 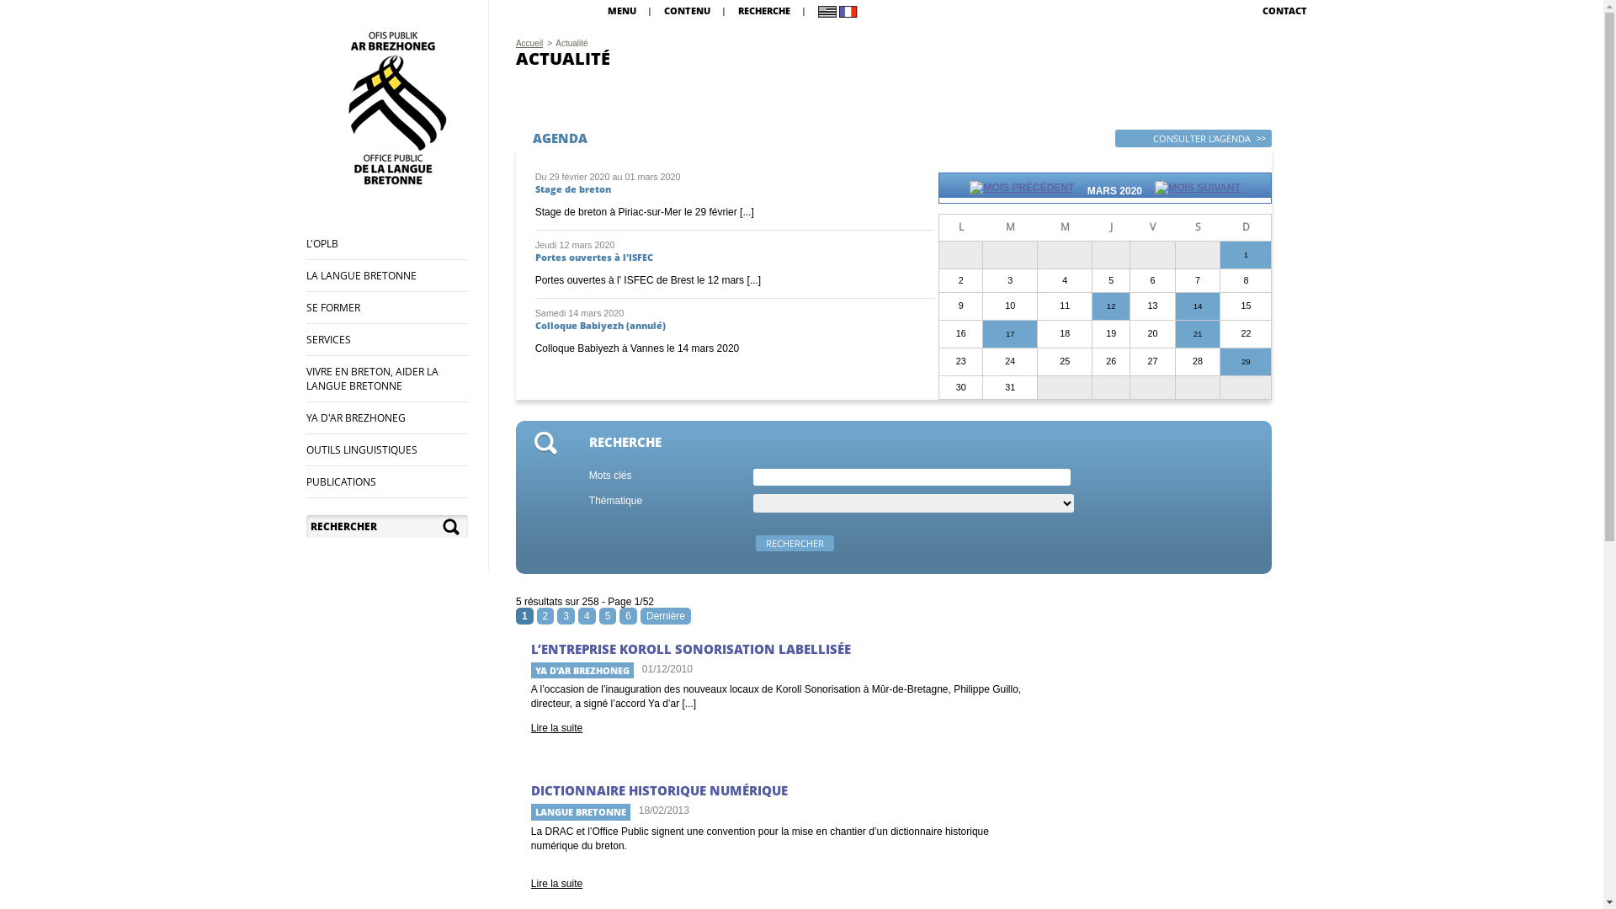 I want to click on '14', so click(x=1197, y=306).